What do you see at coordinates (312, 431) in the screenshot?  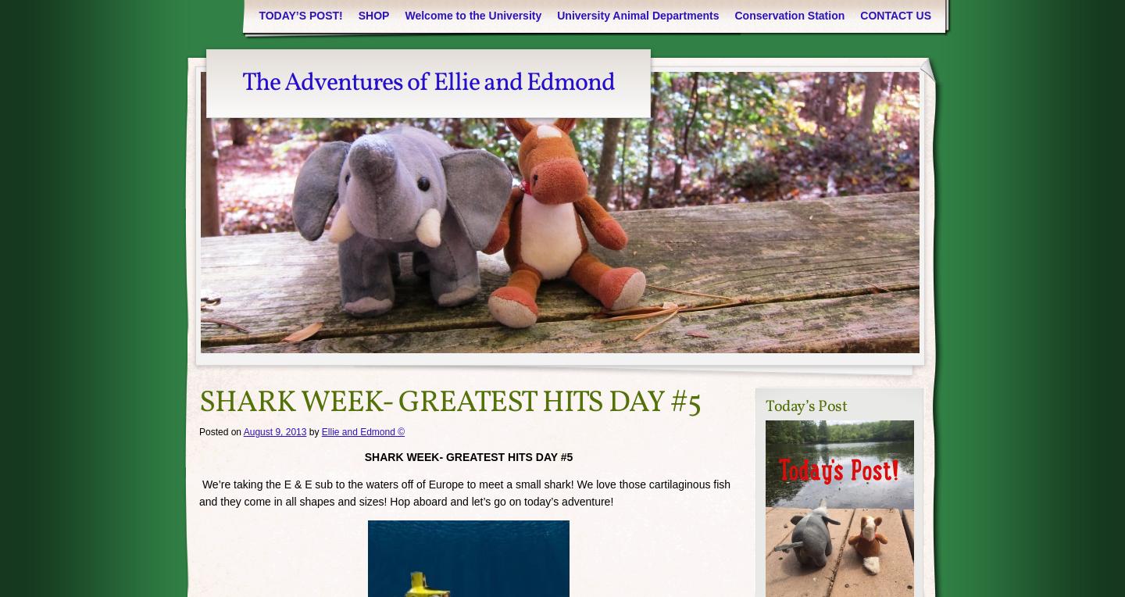 I see `'by'` at bounding box center [312, 431].